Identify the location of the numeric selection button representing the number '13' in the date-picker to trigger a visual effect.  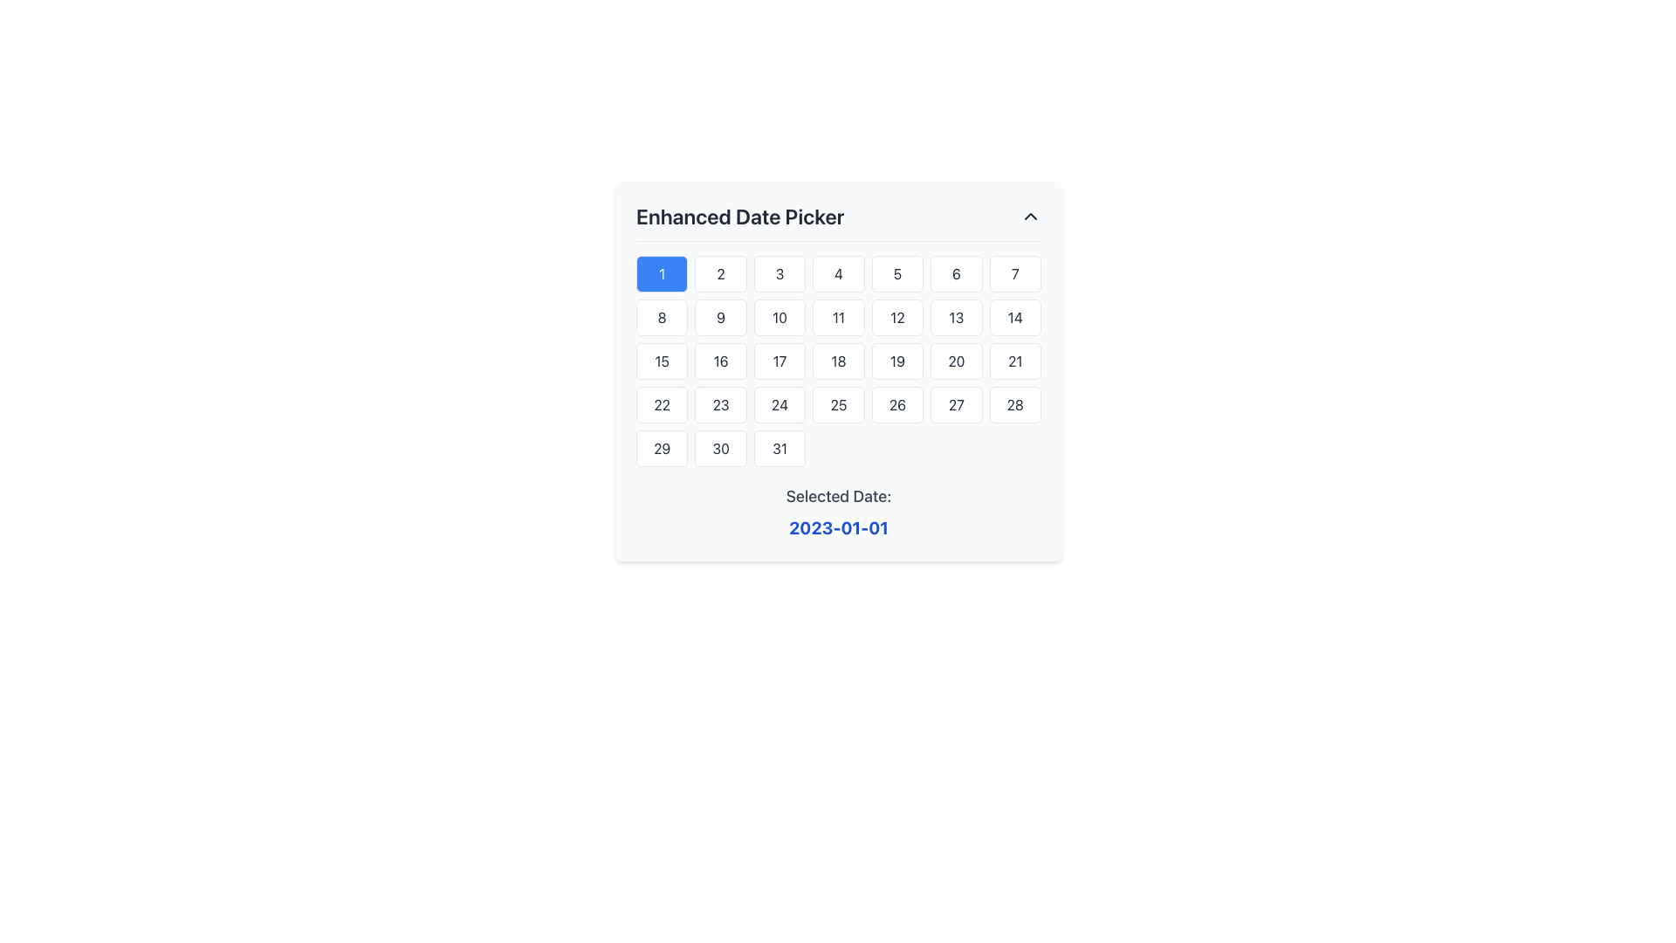
(955, 317).